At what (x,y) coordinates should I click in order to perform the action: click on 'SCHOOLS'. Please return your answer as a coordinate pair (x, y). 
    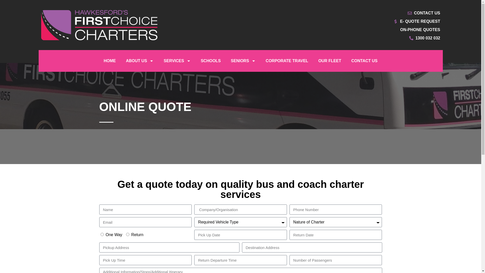
    Looking at the image, I should click on (211, 60).